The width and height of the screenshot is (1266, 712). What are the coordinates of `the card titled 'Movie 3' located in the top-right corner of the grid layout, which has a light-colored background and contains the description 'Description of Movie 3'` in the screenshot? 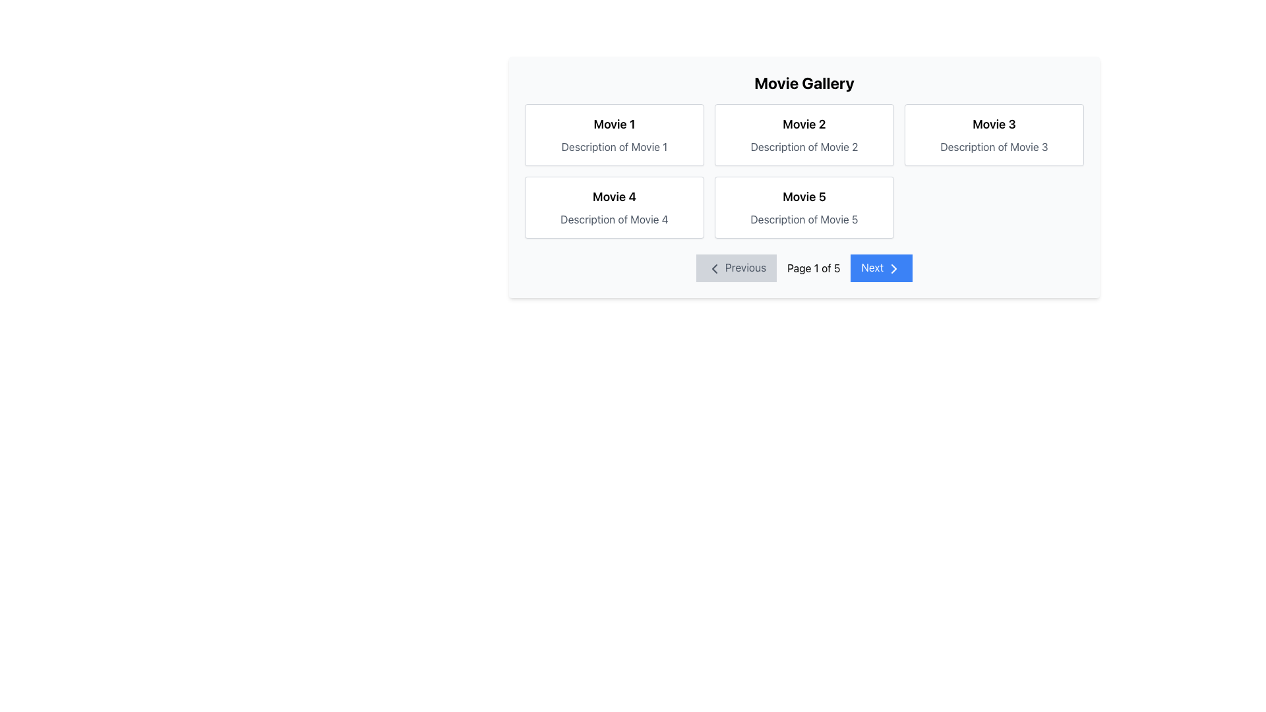 It's located at (994, 134).